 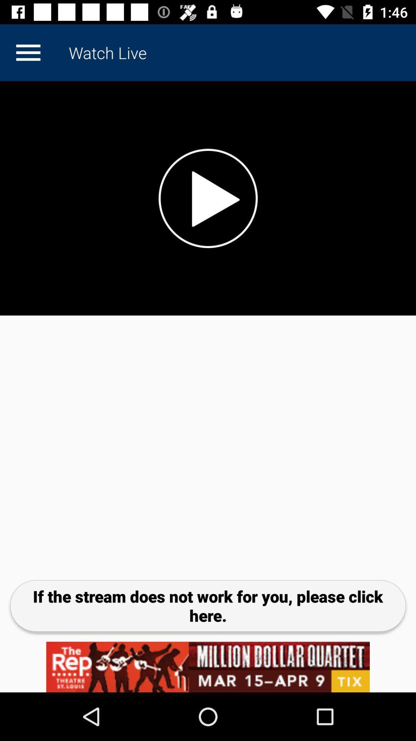 I want to click on advertisement, so click(x=208, y=667).